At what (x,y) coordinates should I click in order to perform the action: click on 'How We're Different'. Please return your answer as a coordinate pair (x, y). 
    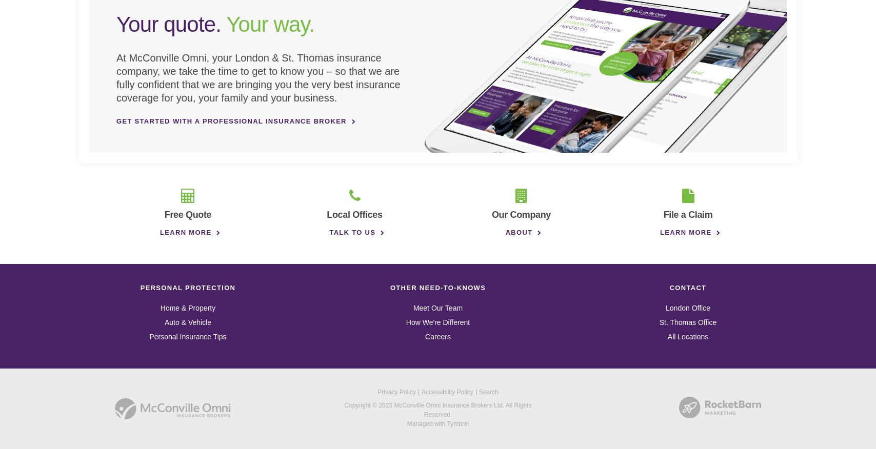
    Looking at the image, I should click on (437, 322).